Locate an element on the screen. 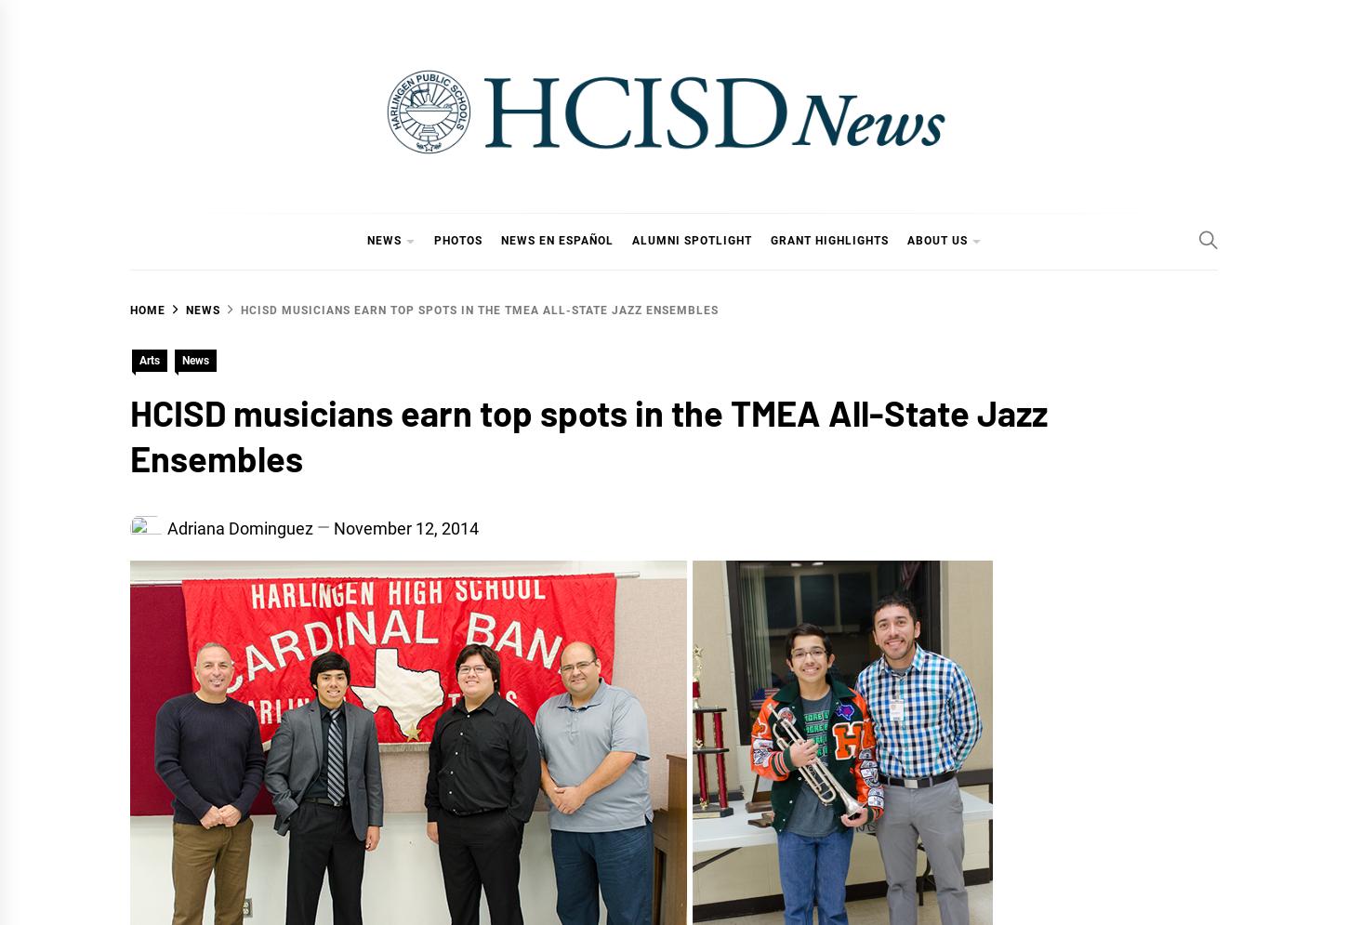  'Public Relations and Community Engagement' is located at coordinates (850, 370).